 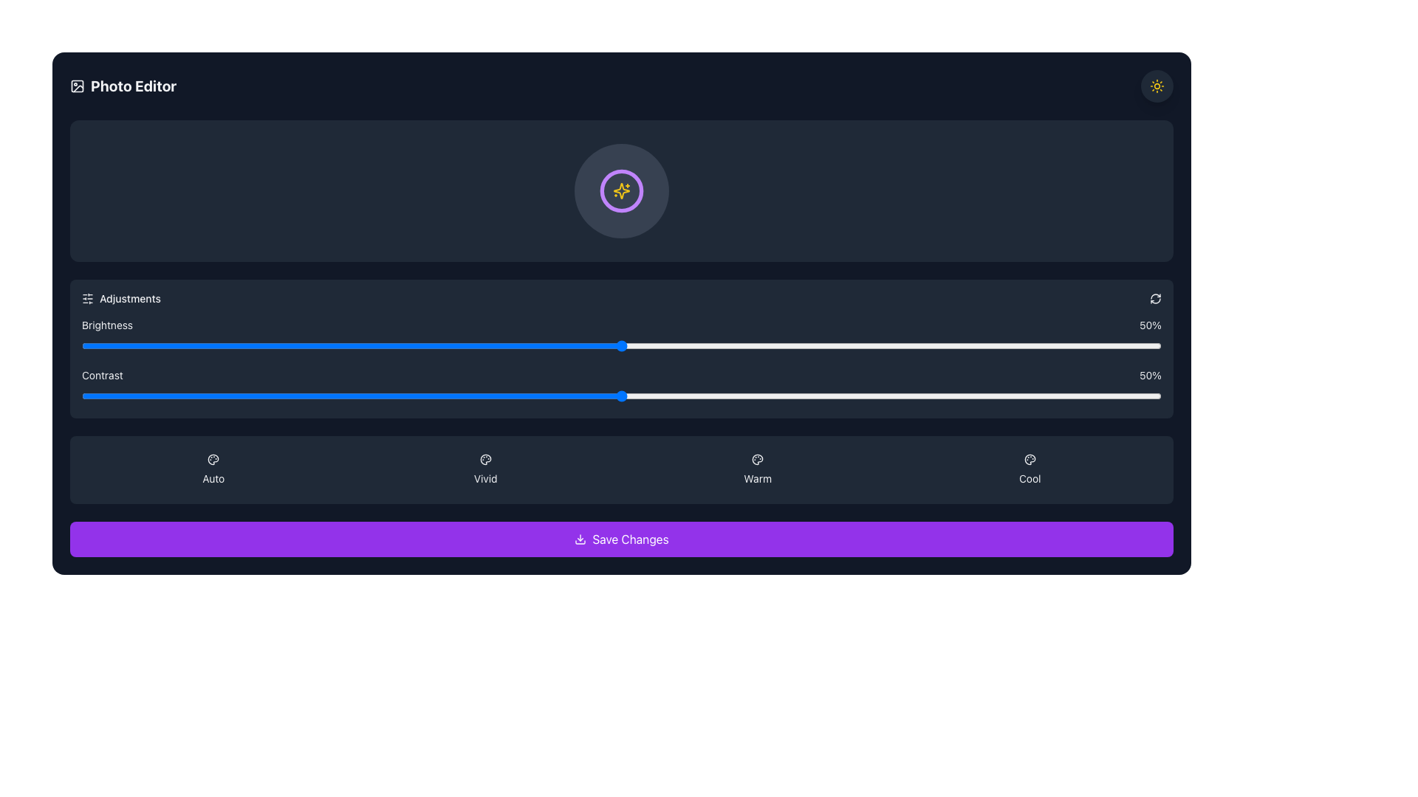 I want to click on contrast, so click(x=762, y=346).